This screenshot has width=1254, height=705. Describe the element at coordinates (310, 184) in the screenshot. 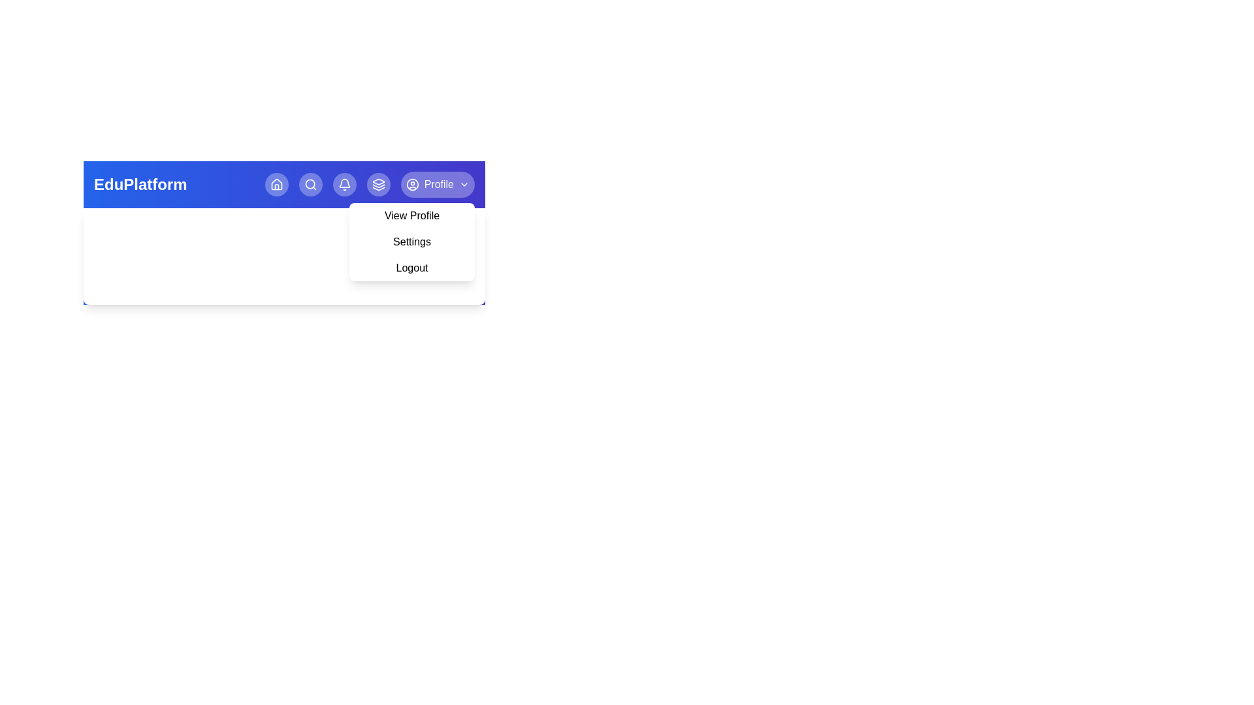

I see `the Search navigation button in the header` at that location.